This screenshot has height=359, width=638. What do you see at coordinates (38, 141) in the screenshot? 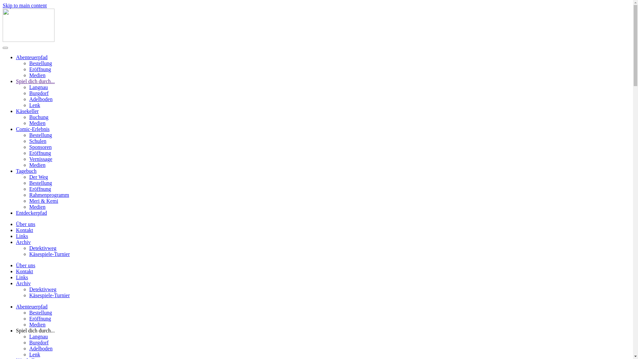
I see `'Schulen'` at bounding box center [38, 141].